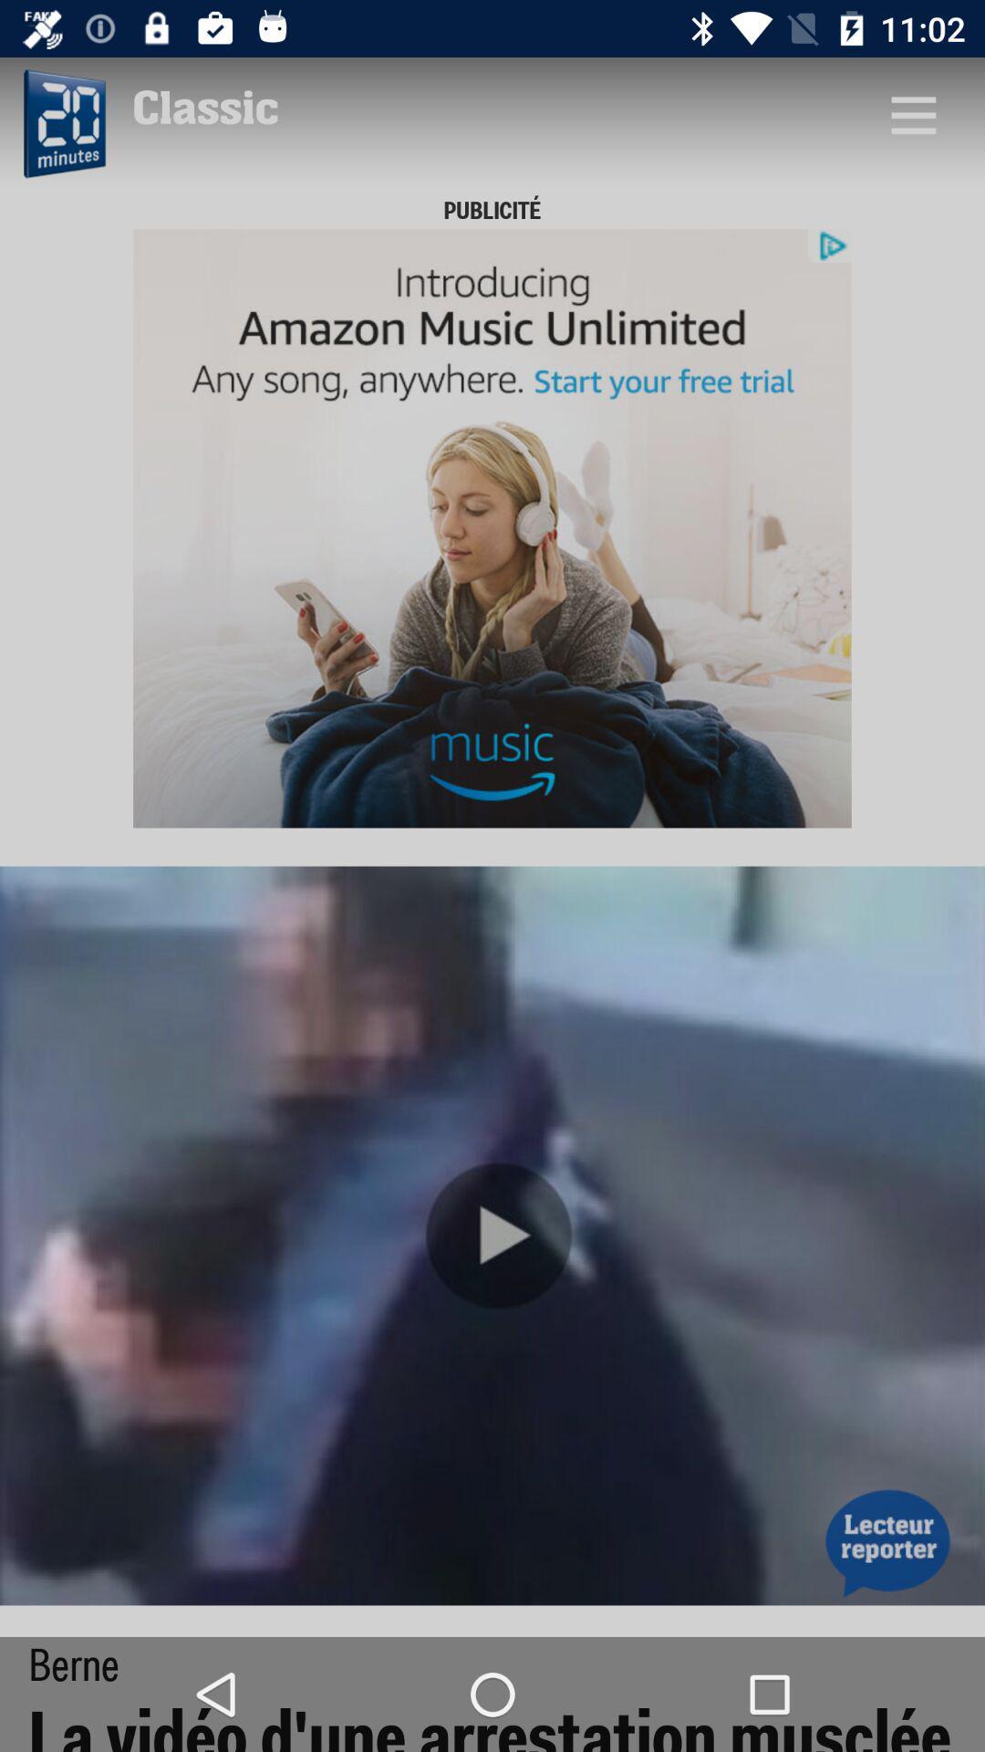 The image size is (985, 1752). Describe the element at coordinates (61, 123) in the screenshot. I see `time setting` at that location.